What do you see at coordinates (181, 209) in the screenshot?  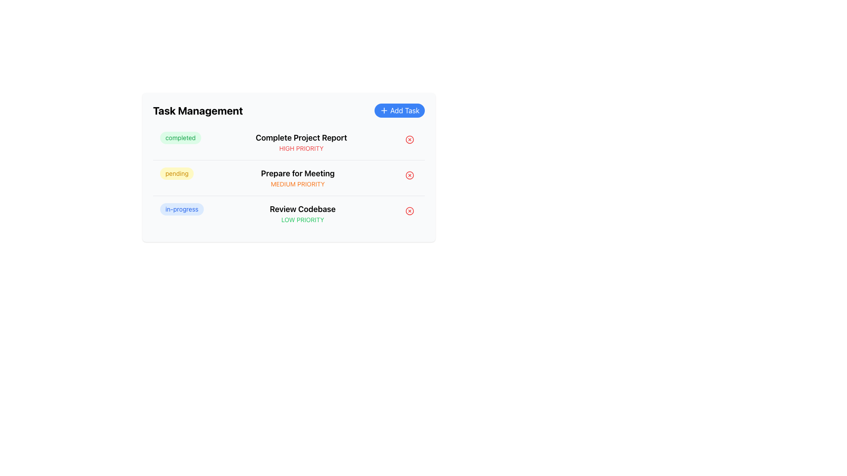 I see `the text label displaying 'in-progress' with a light blue background, positioned to the left of the 'Review Codebase' task title in the 'Task Management' section` at bounding box center [181, 209].